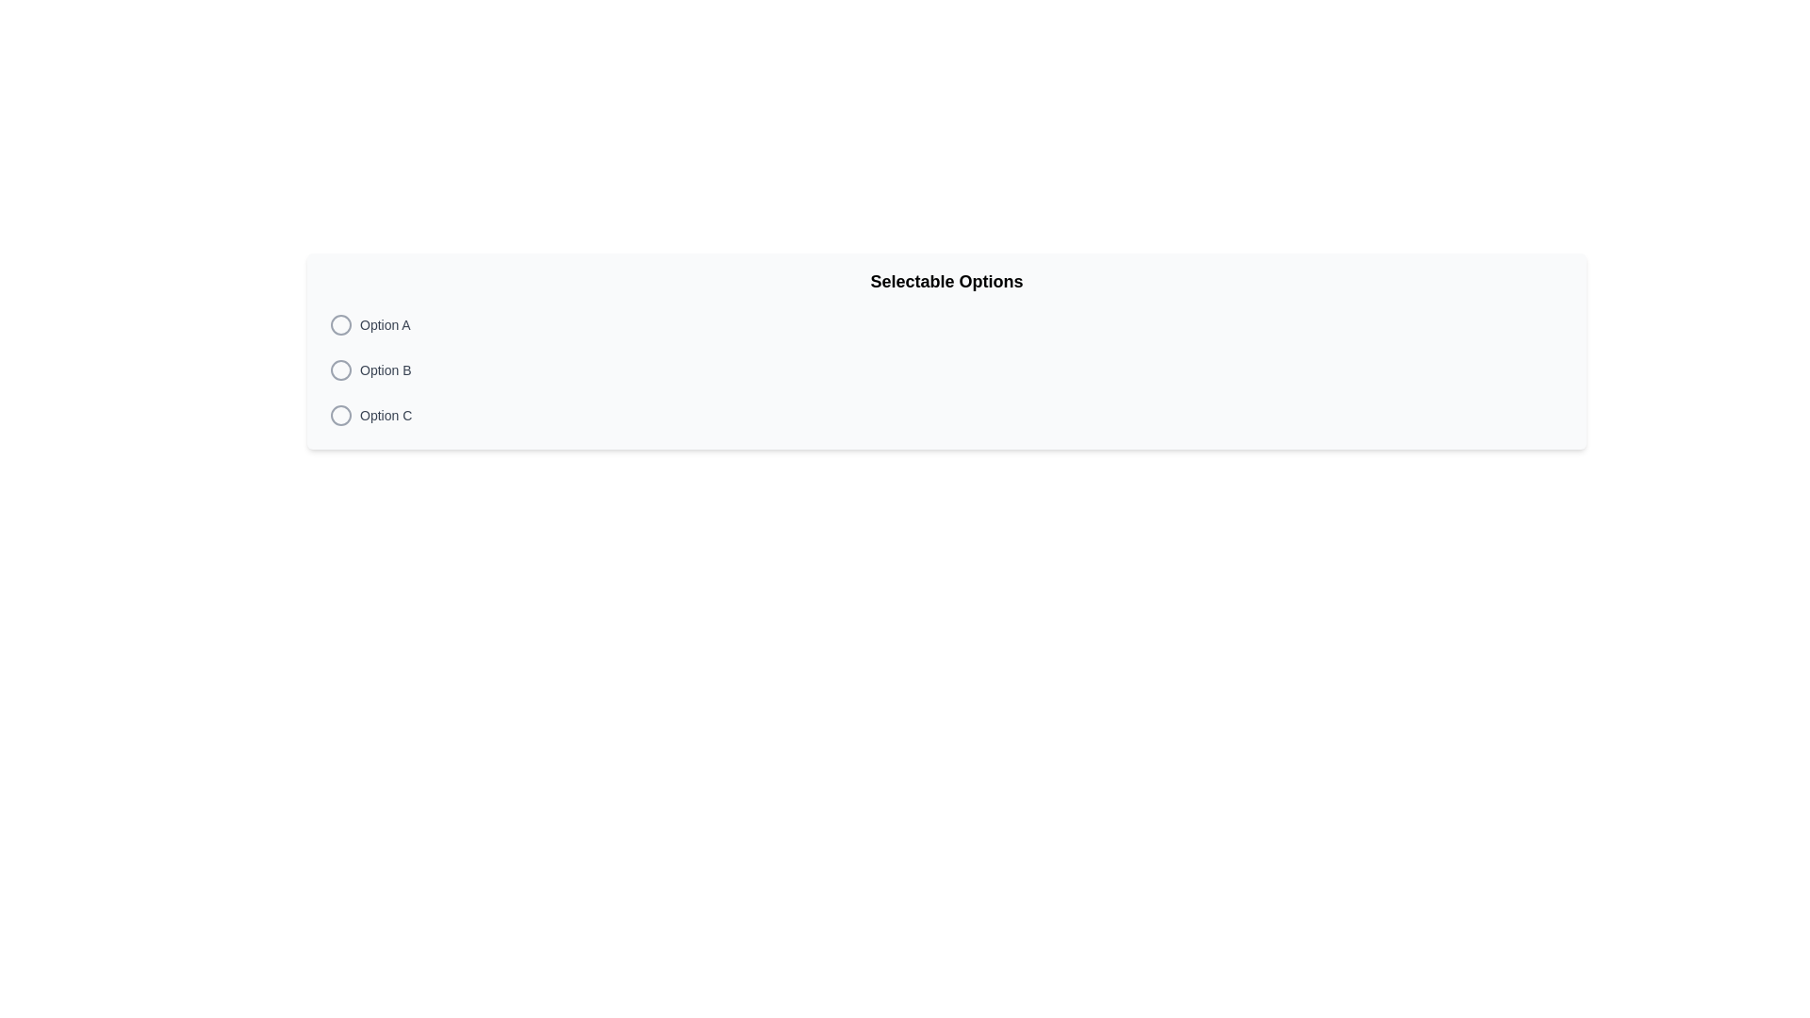 The height and width of the screenshot is (1018, 1810). What do you see at coordinates (340, 414) in the screenshot?
I see `the radio button-like indicator located inside the third option in a vertical list of choices, positioned below 'Option B'` at bounding box center [340, 414].